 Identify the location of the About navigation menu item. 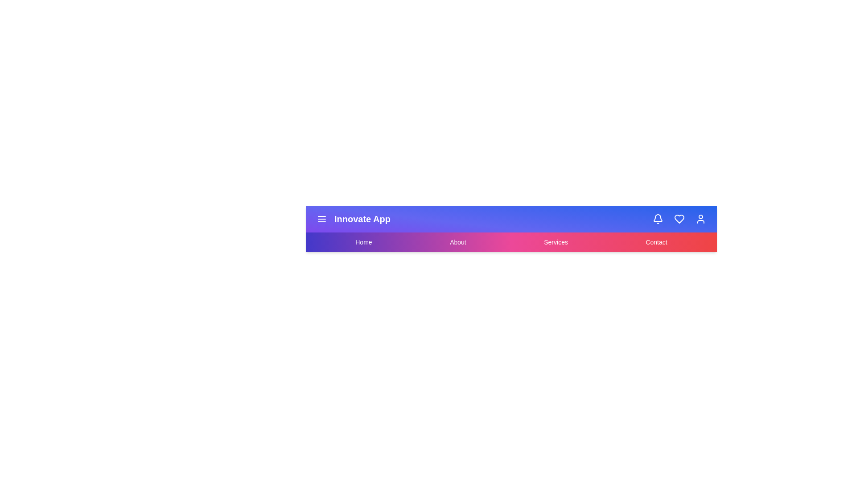
(458, 242).